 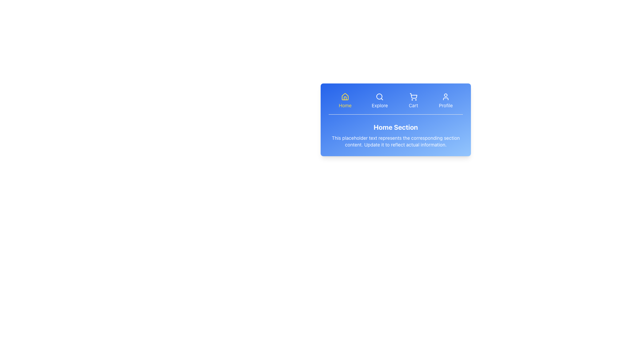 What do you see at coordinates (413, 97) in the screenshot?
I see `the 'Cart' icon in the navigation bar, which is the third option from the left, to interact with the cart functionality` at bounding box center [413, 97].